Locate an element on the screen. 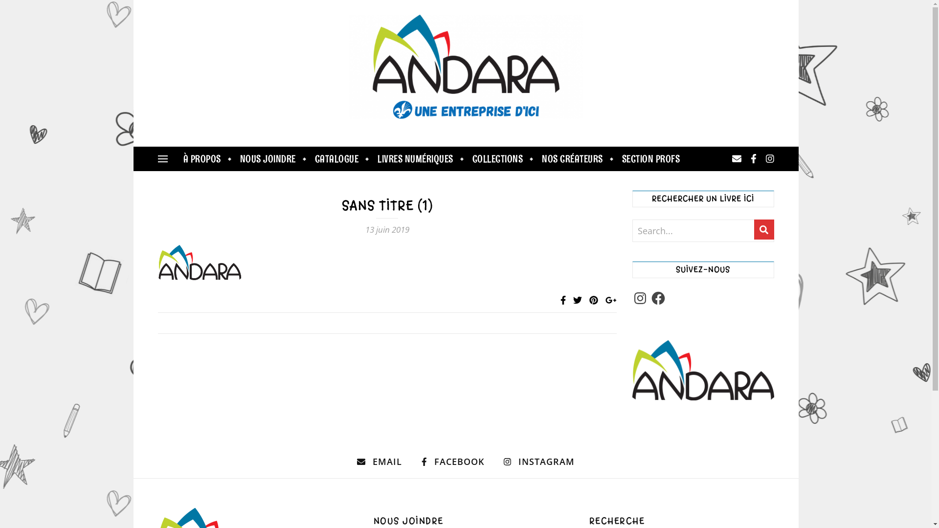 The width and height of the screenshot is (939, 528). 'FACEBOOK' is located at coordinates (452, 462).